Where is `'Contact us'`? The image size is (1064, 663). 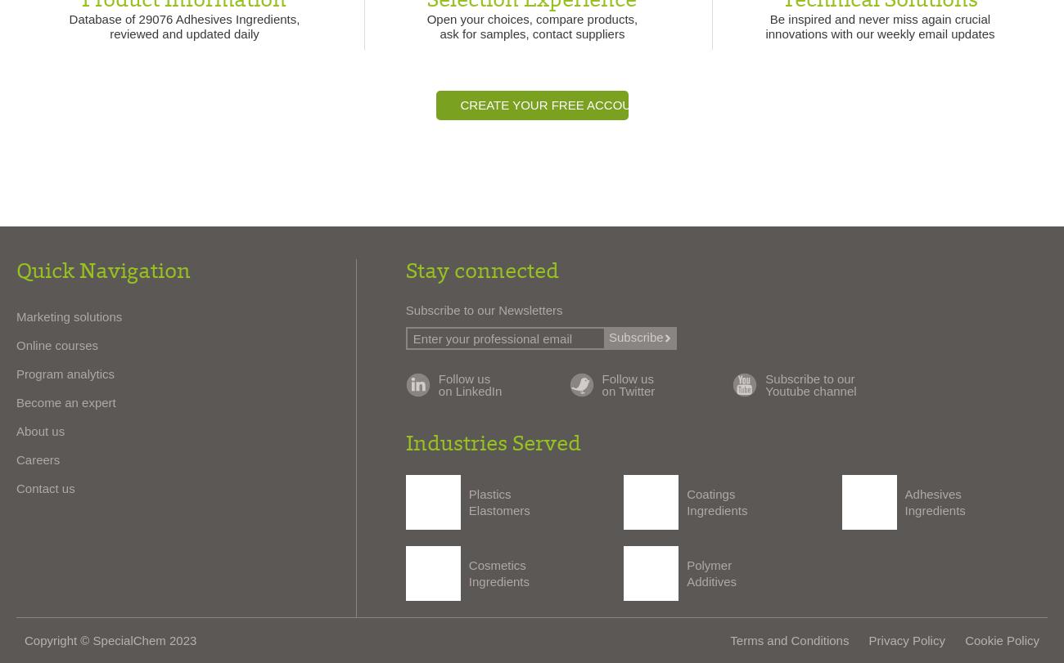
'Contact us' is located at coordinates (45, 487).